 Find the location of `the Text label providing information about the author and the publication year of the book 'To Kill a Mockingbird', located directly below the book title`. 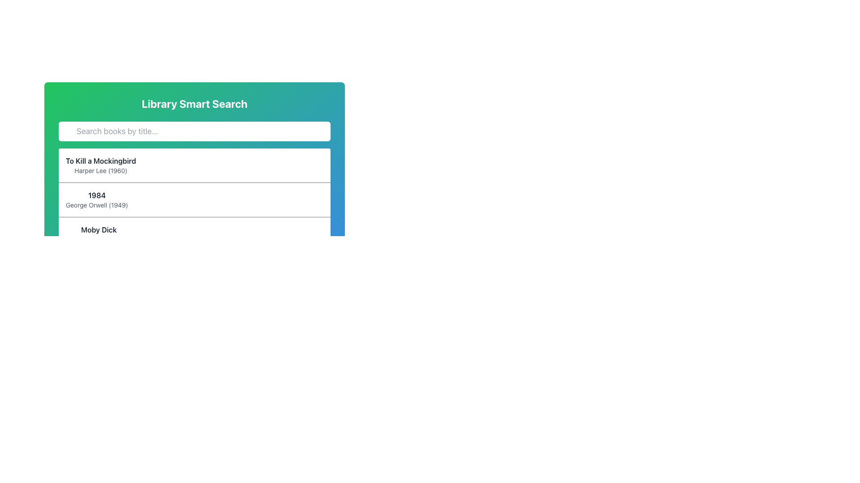

the Text label providing information about the author and the publication year of the book 'To Kill a Mockingbird', located directly below the book title is located at coordinates (101, 170).